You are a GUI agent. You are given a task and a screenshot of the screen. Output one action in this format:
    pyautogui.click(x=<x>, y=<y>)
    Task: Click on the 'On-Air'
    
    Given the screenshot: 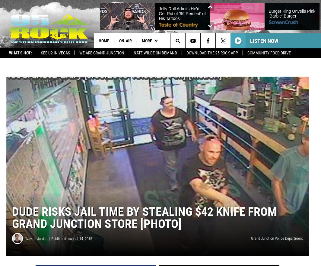 What is the action you would take?
    pyautogui.click(x=126, y=41)
    